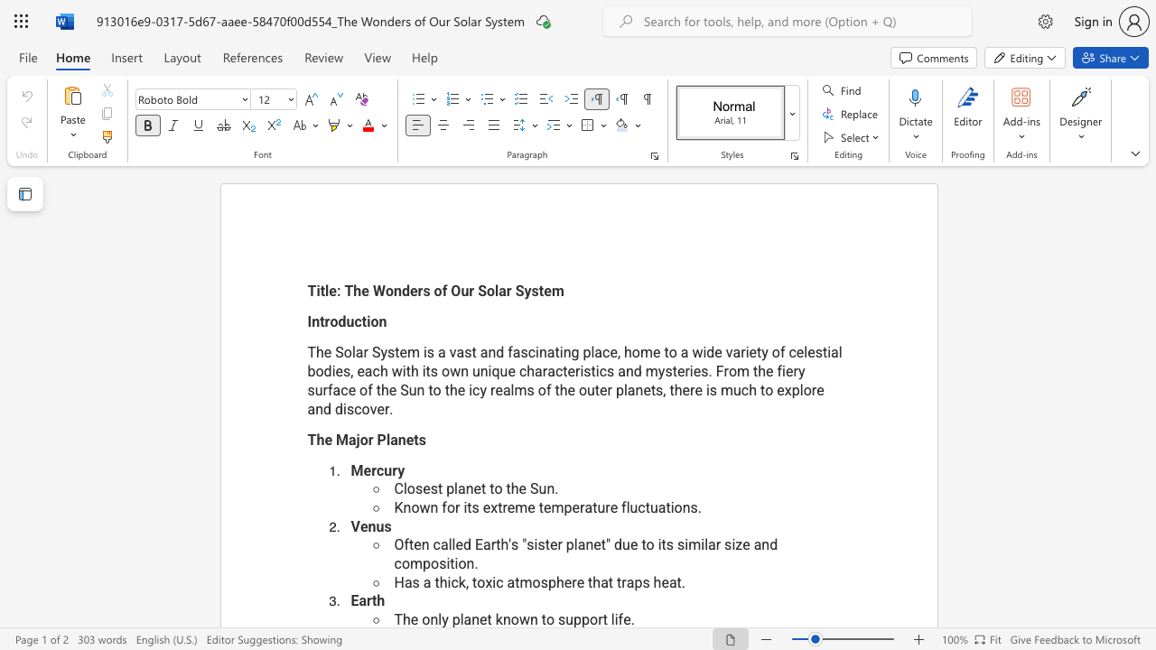 Image resolution: width=1156 pixels, height=650 pixels. I want to click on the 2th character "S" in the text, so click(375, 352).